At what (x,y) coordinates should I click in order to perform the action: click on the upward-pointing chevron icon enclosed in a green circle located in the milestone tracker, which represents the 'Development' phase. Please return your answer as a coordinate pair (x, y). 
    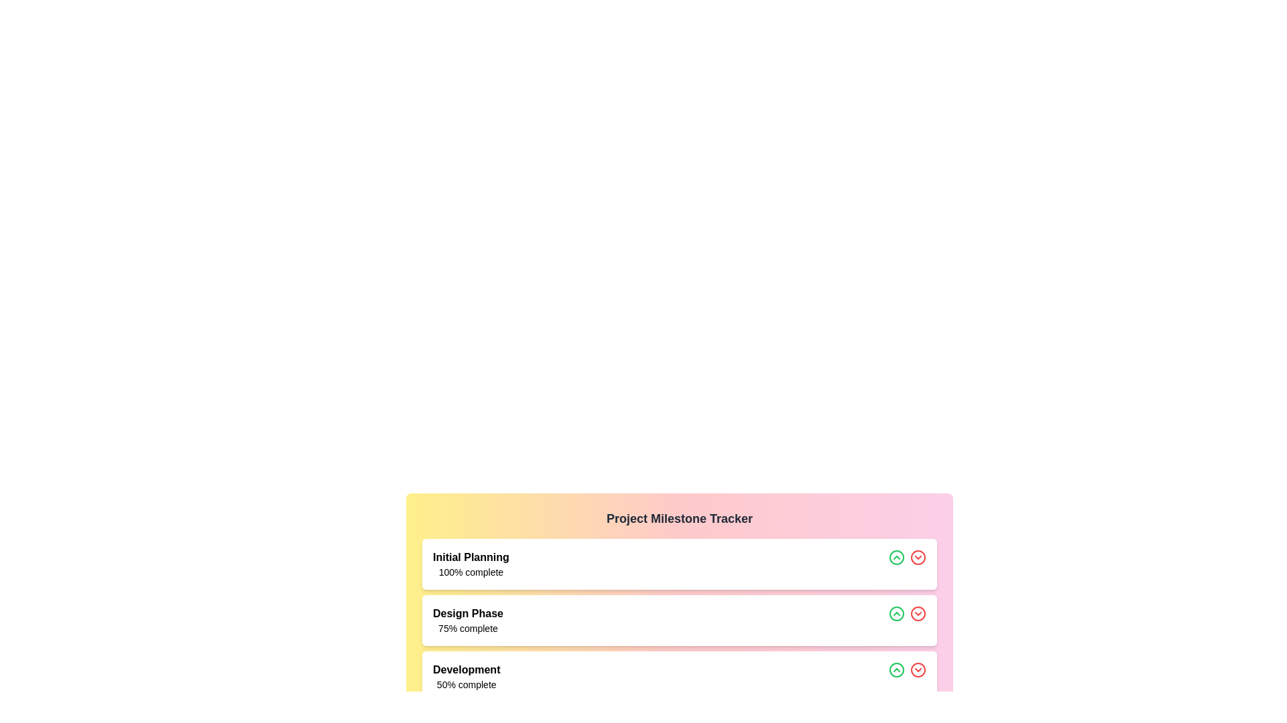
    Looking at the image, I should click on (897, 670).